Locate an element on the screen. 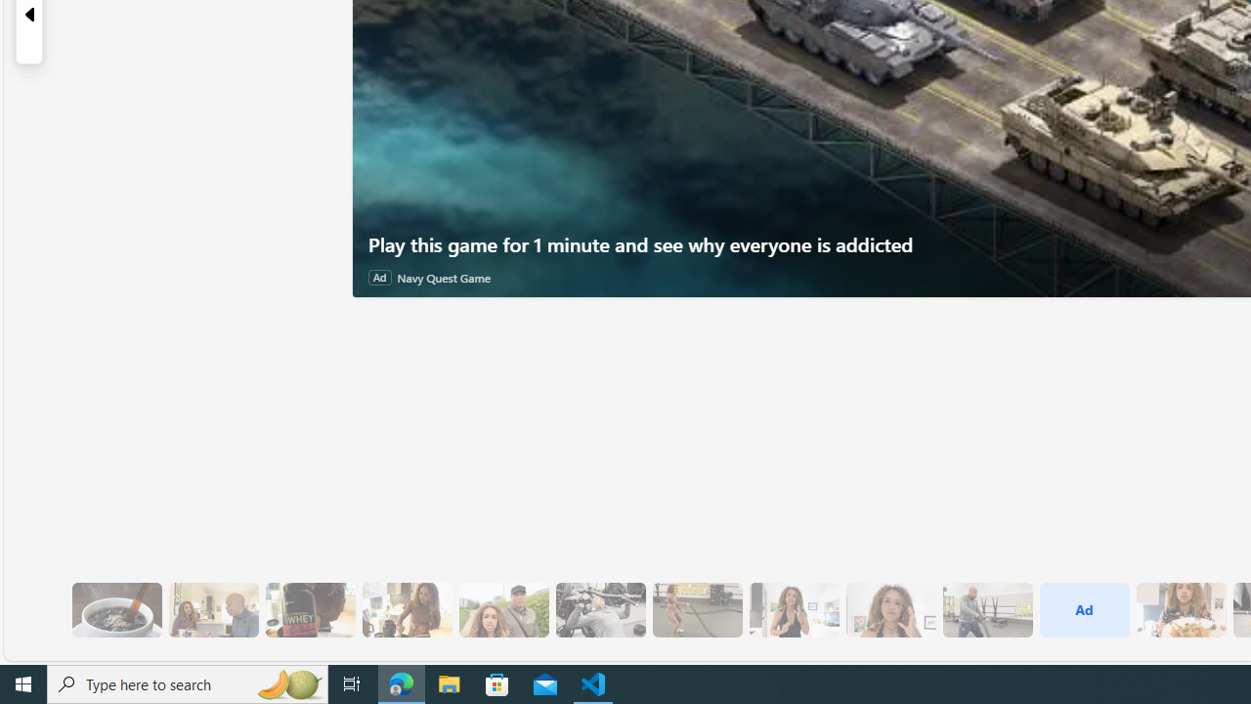  'Navy Quest Game' is located at coordinates (443, 277).